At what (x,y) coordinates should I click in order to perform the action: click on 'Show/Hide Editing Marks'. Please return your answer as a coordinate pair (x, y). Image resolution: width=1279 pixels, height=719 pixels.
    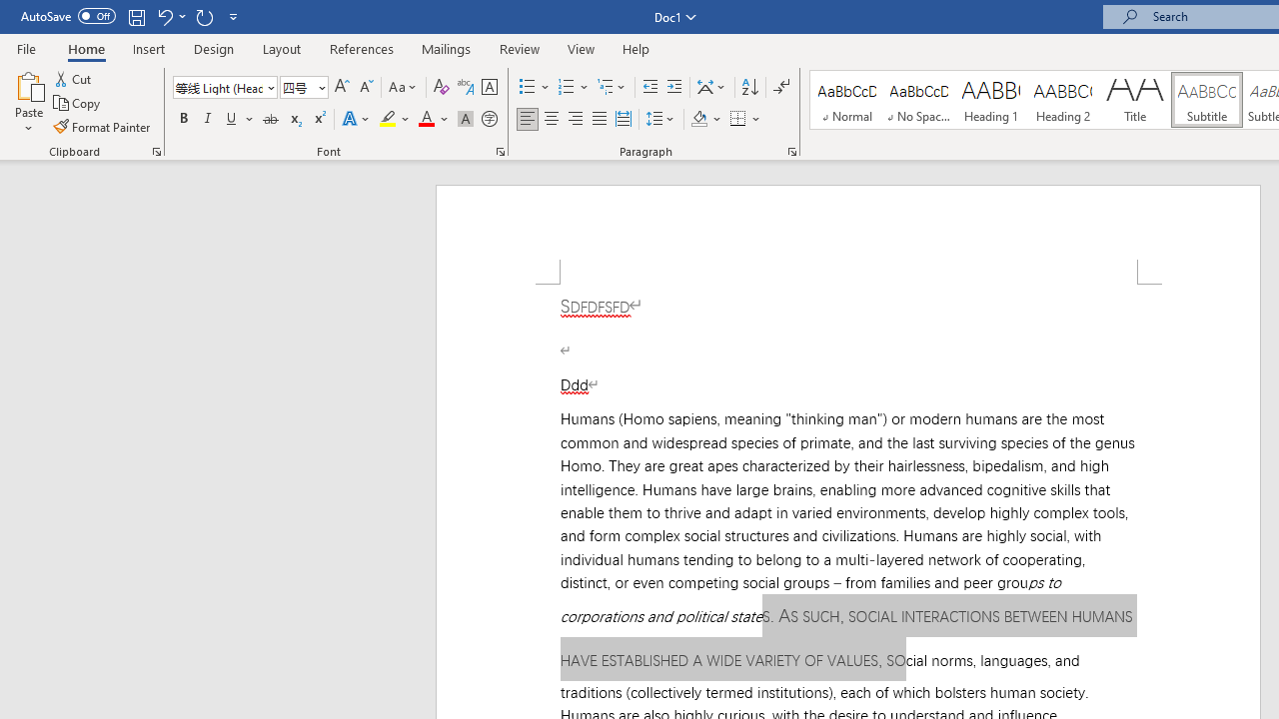
    Looking at the image, I should click on (780, 86).